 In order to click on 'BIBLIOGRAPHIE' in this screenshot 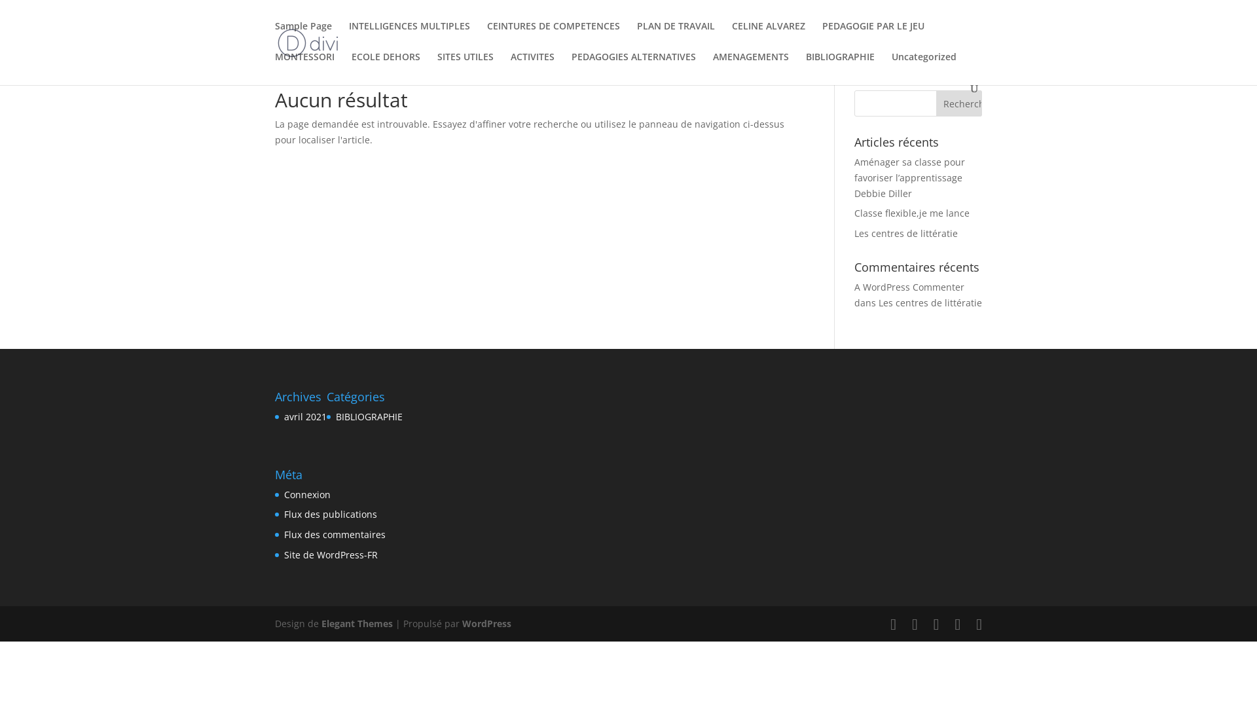, I will do `click(840, 67)`.